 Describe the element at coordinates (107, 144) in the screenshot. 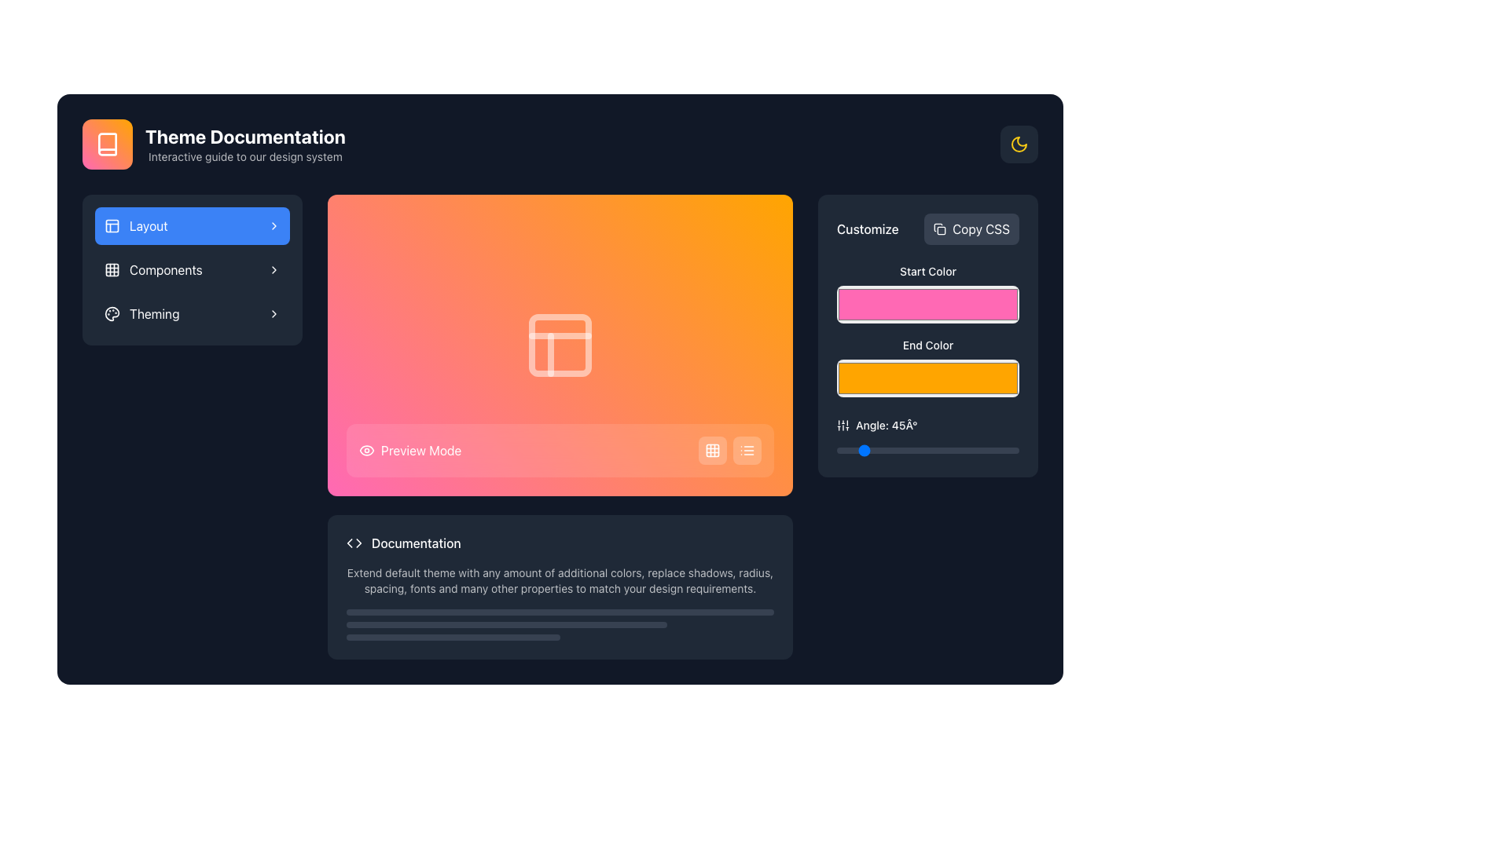

I see `the book icon logo, which is a decorative vector graphic located in the top-left section of the interface` at that location.